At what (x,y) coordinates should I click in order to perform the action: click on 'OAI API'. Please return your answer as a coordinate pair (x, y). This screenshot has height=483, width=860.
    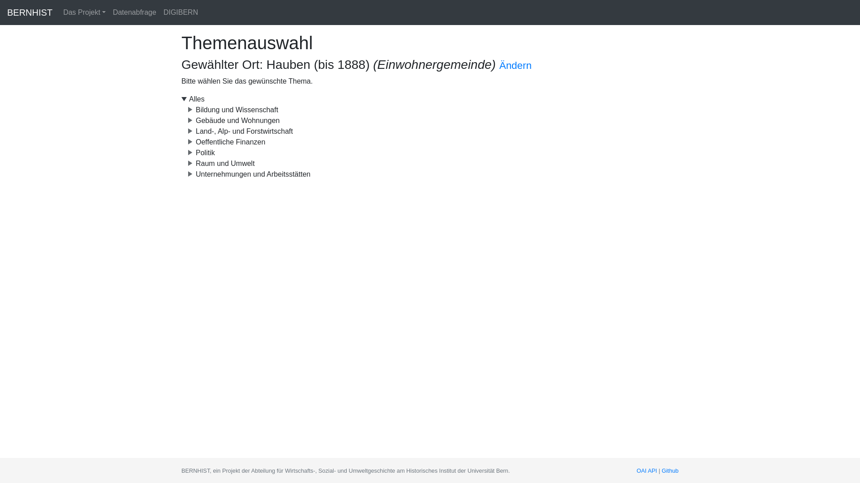
    Looking at the image, I should click on (636, 470).